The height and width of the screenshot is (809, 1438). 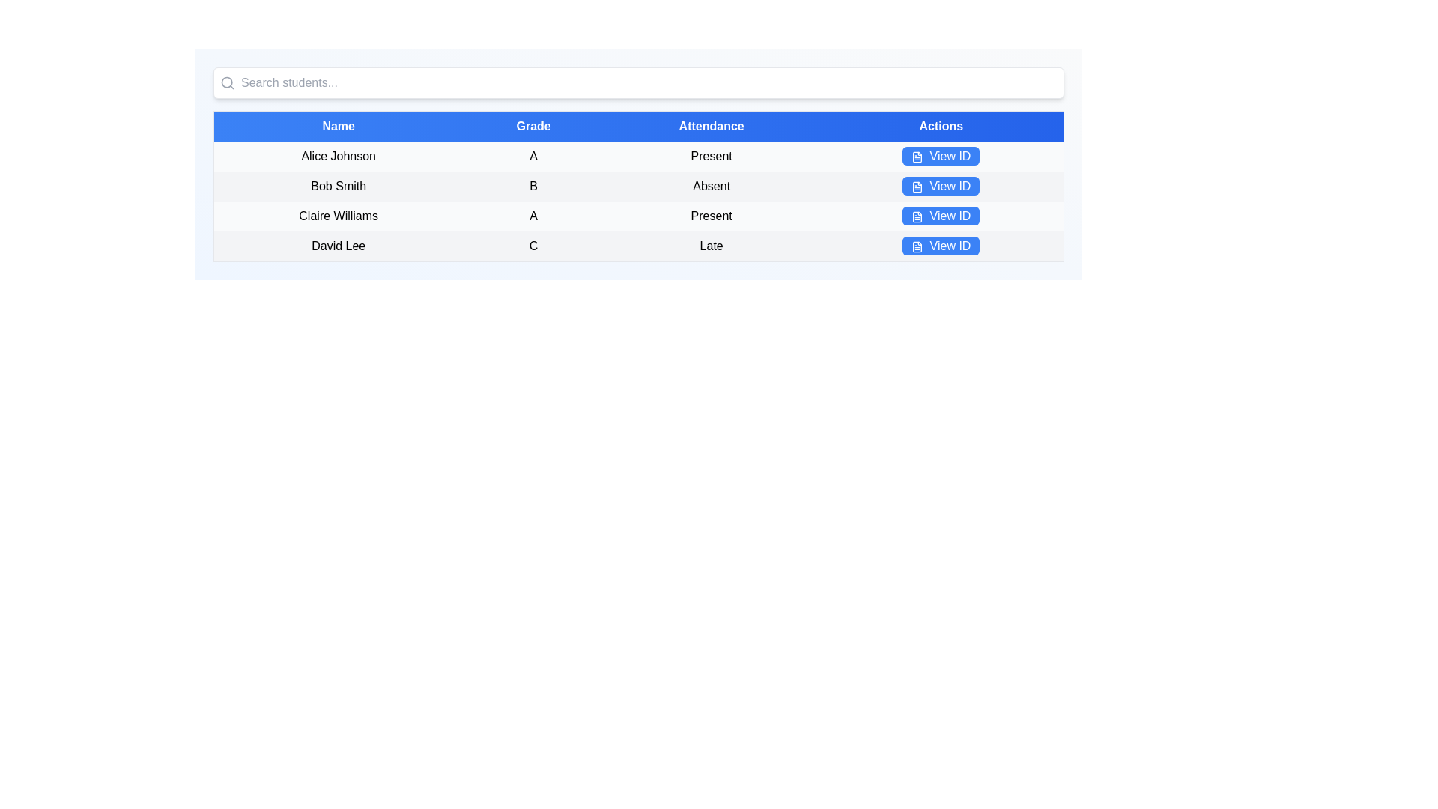 What do you see at coordinates (941, 186) in the screenshot?
I see `the button in the fourth column of the table under the 'Actions' heading for the row with 'Absent' attendance status for 'Bob Smith'` at bounding box center [941, 186].